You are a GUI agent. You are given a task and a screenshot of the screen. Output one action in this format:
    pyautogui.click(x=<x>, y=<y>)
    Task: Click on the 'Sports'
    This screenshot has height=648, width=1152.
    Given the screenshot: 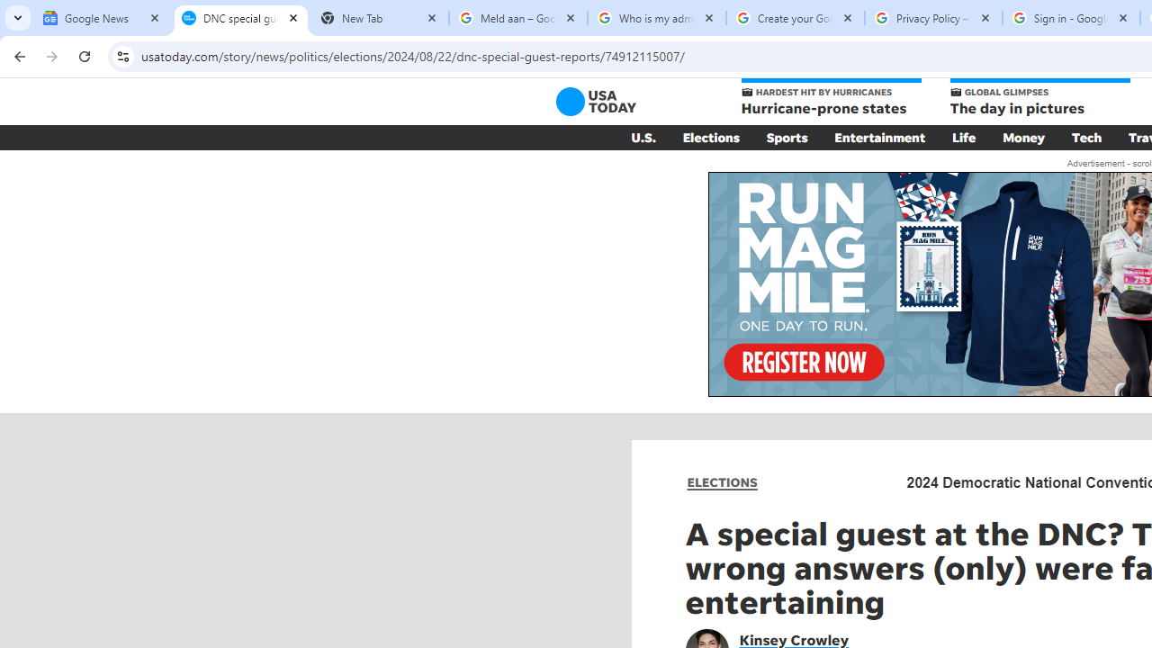 What is the action you would take?
    pyautogui.click(x=787, y=137)
    